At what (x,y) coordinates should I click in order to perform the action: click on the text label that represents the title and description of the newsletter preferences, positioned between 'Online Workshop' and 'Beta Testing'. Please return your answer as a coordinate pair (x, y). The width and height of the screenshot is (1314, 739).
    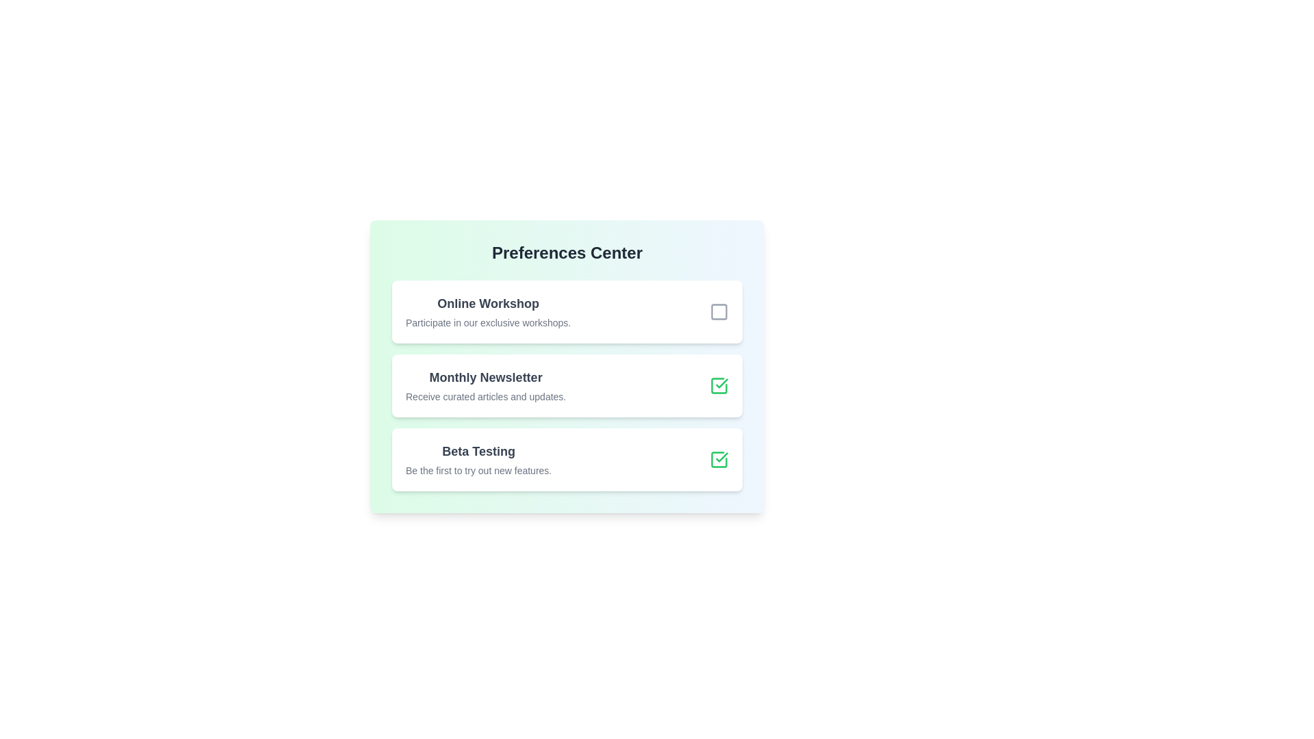
    Looking at the image, I should click on (486, 385).